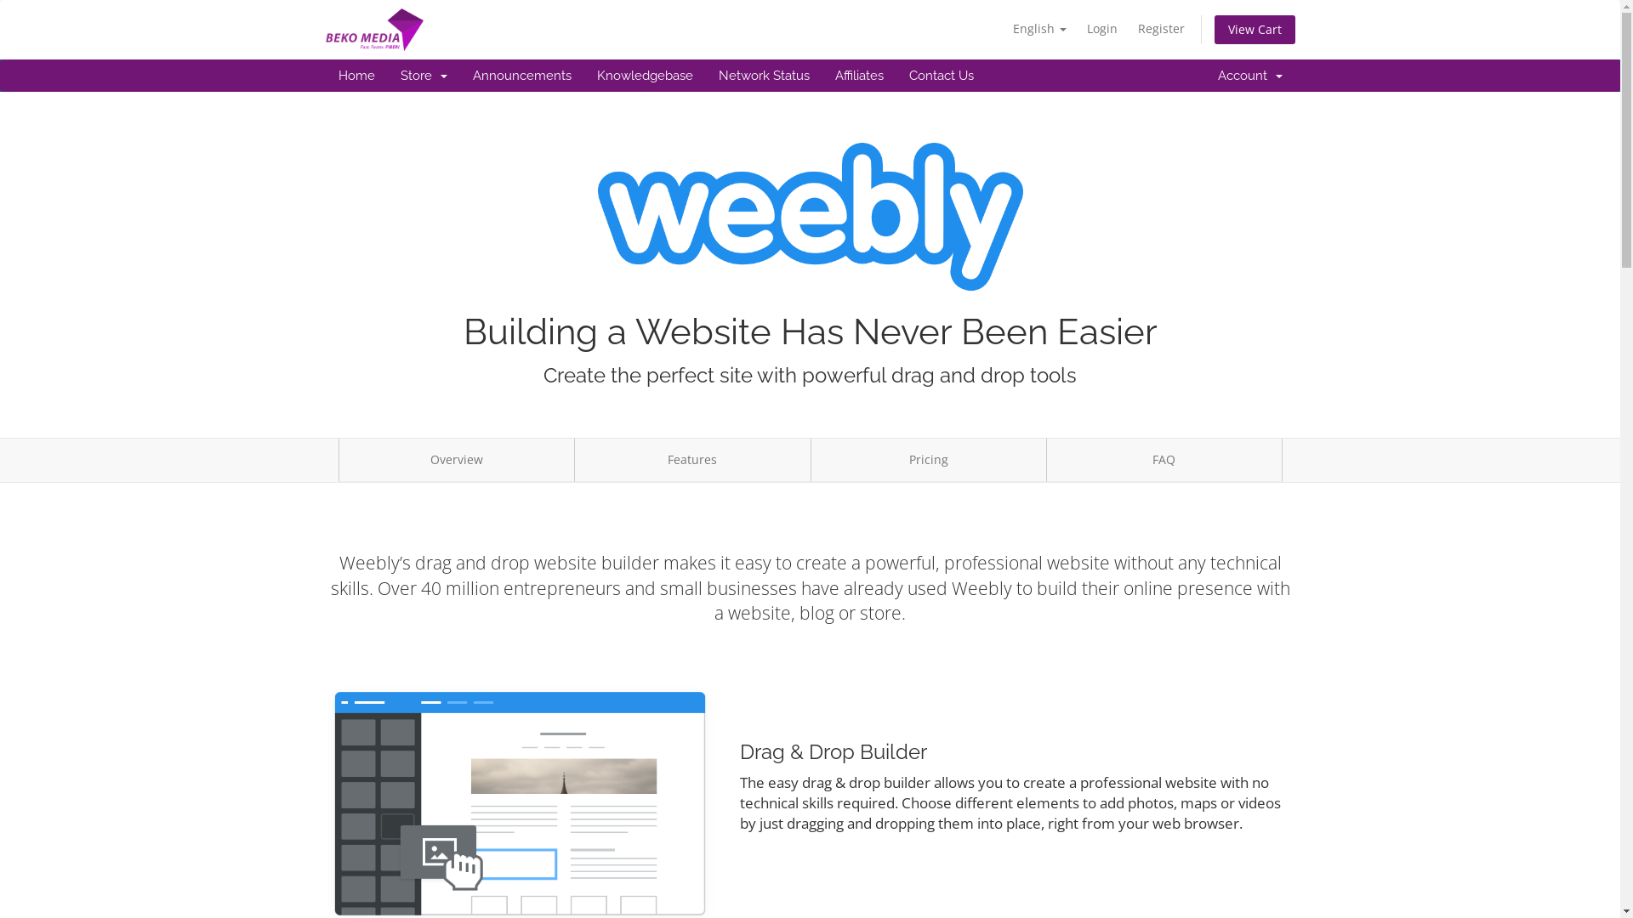 This screenshot has width=1633, height=918. Describe the element at coordinates (1160, 29) in the screenshot. I see `'Register'` at that location.